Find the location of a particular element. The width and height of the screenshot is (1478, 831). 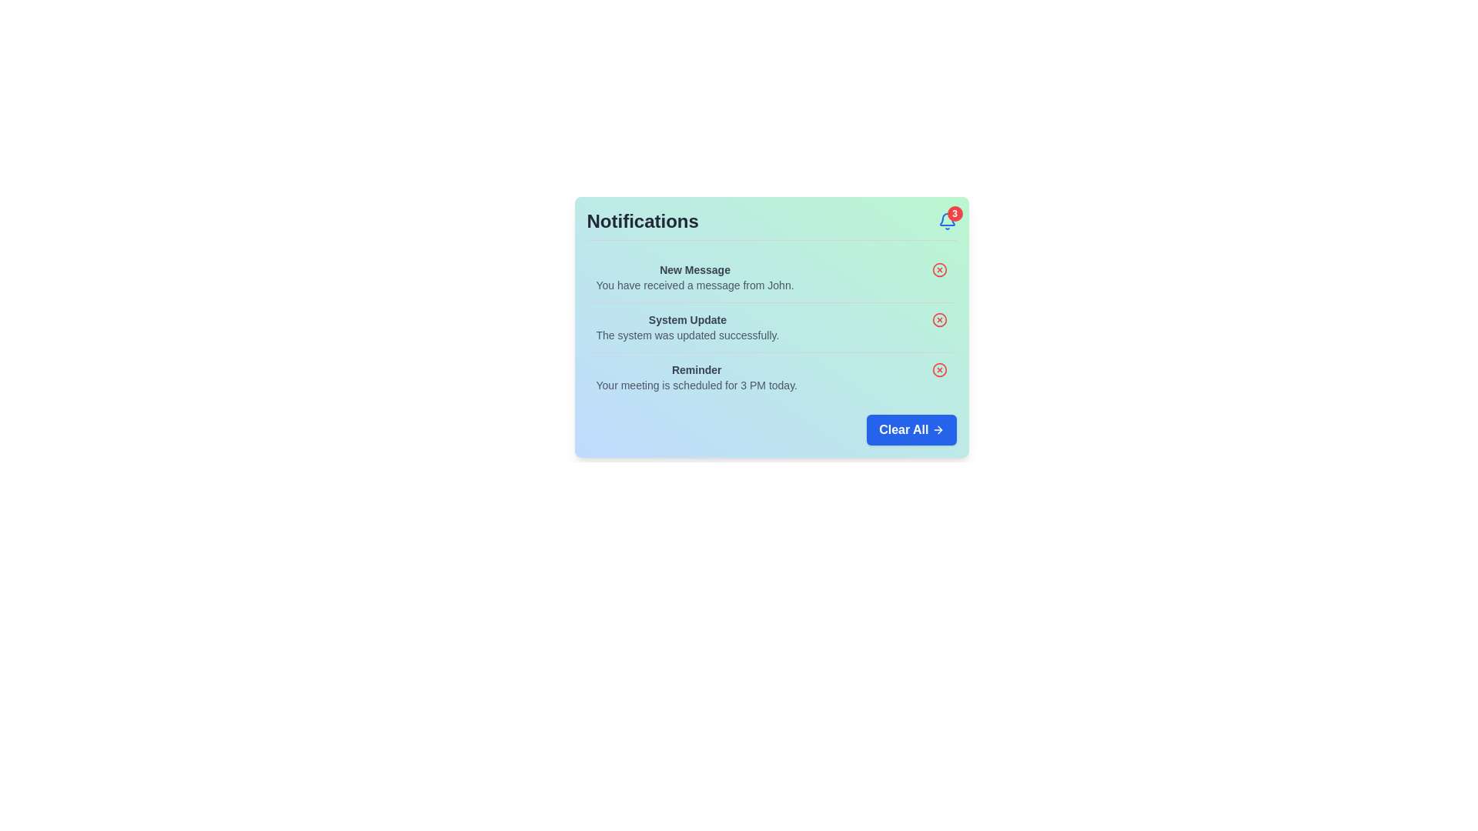

the text content that informs the user about receiving a new message, located in the top-left of the notification box under the header 'Notifications.' is located at coordinates (694, 278).